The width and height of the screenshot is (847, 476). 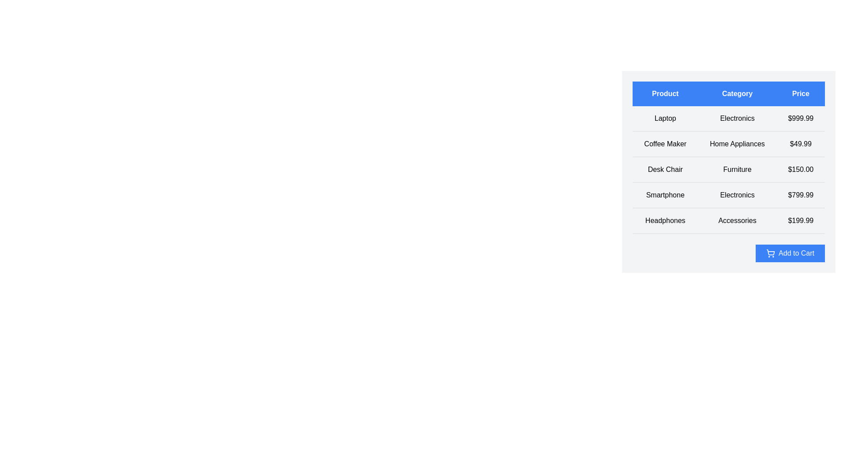 I want to click on the non-interactive table cell displaying the category classification 'Furniture' for the product 'Desk Chair' in the data table, so click(x=737, y=170).